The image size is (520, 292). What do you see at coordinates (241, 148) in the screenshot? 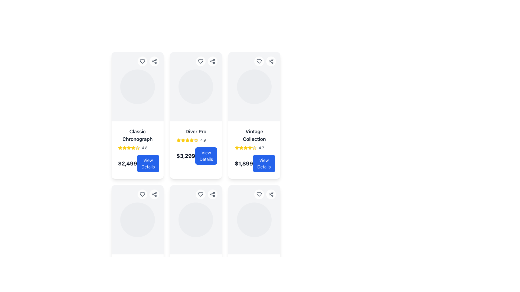
I see `the third star icon in the five-star rating system under the 'Vintage Collection' section` at bounding box center [241, 148].